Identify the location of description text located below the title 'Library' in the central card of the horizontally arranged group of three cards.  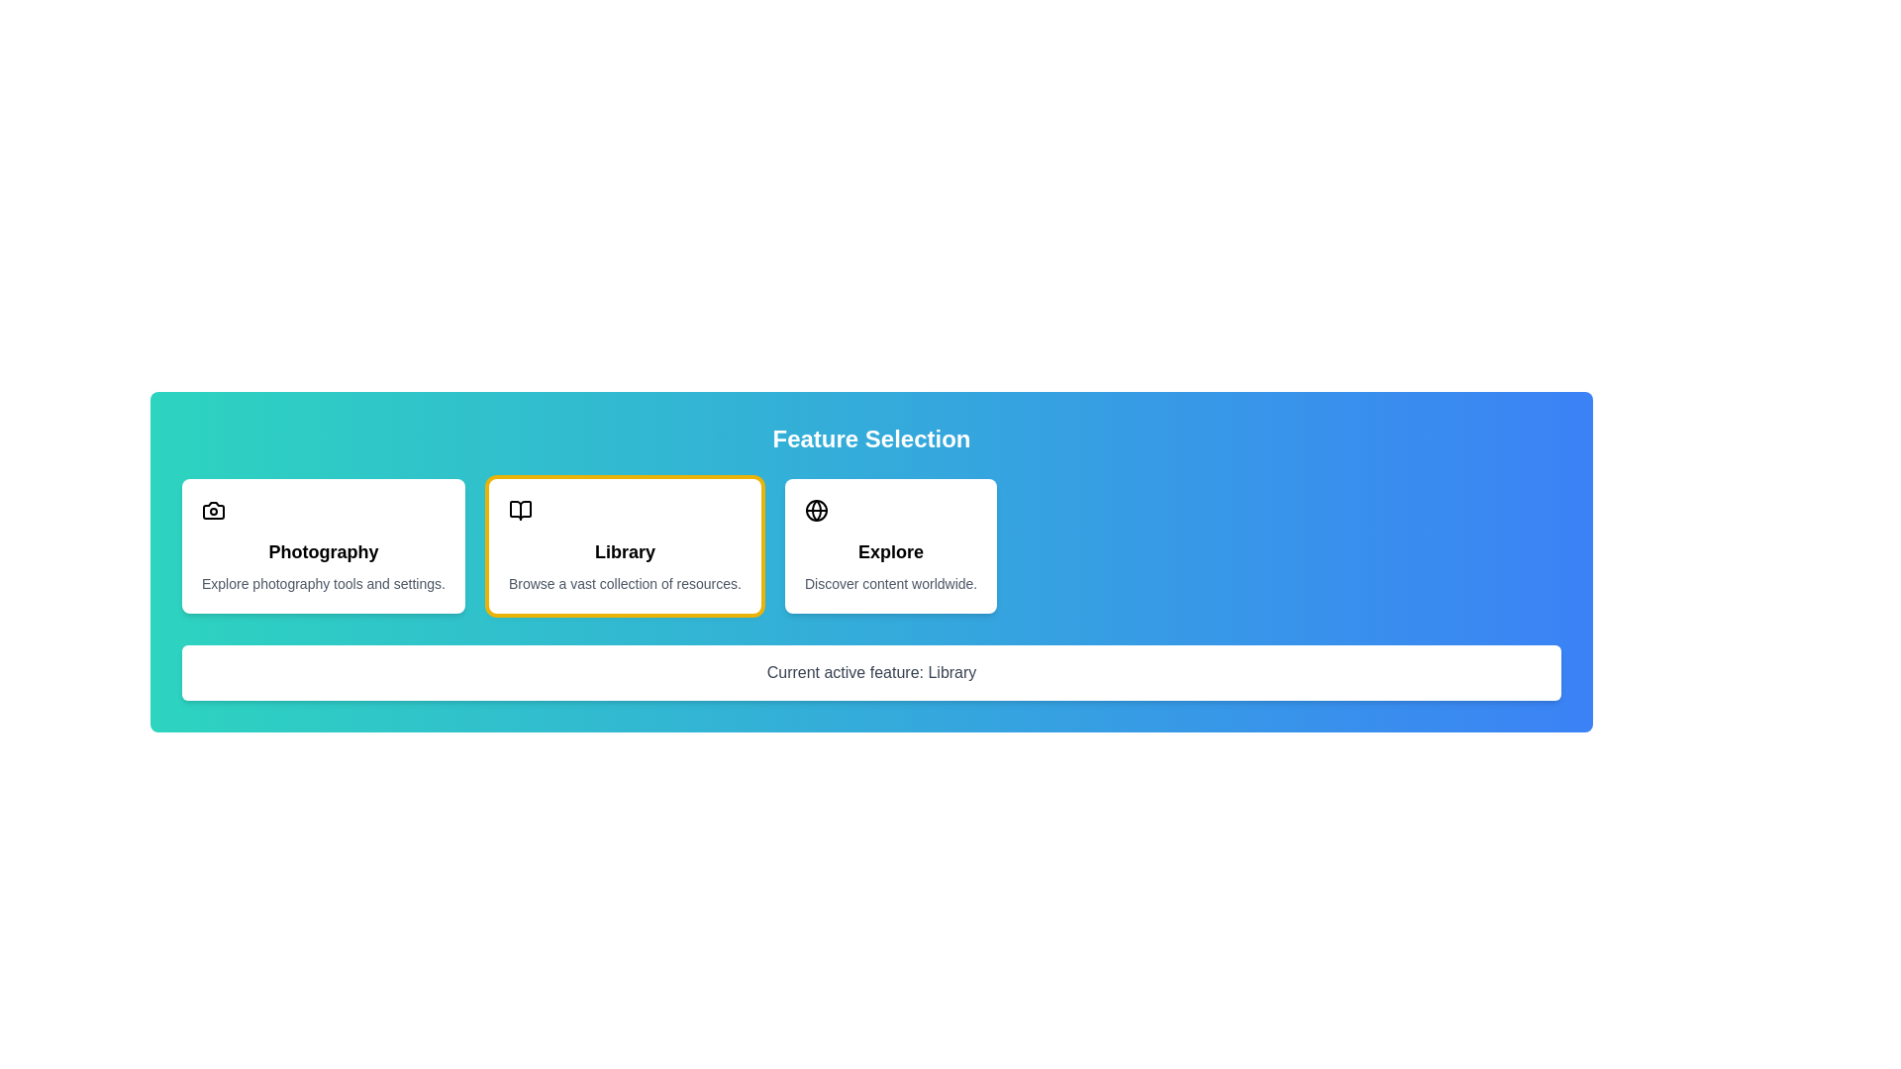
(624, 583).